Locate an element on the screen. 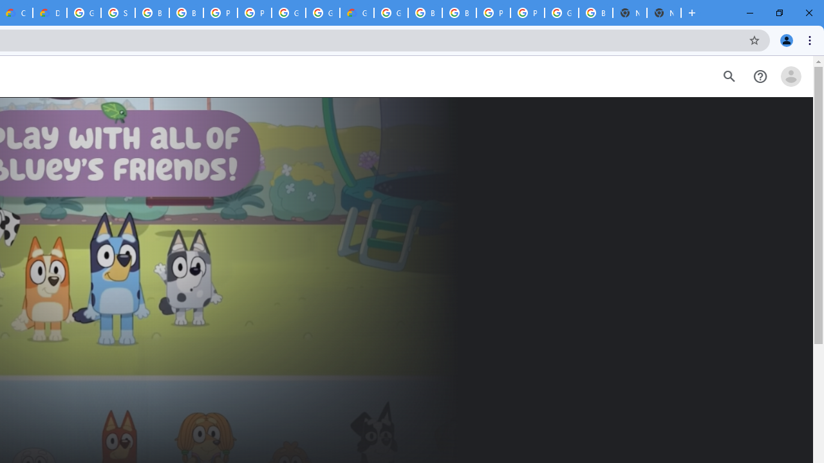 This screenshot has width=824, height=463. 'Browse Chrome as a guest - Computer - Google Chrome Help' is located at coordinates (185, 13).